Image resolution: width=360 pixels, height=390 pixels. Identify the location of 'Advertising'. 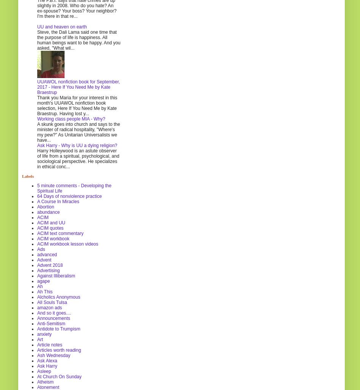
(48, 269).